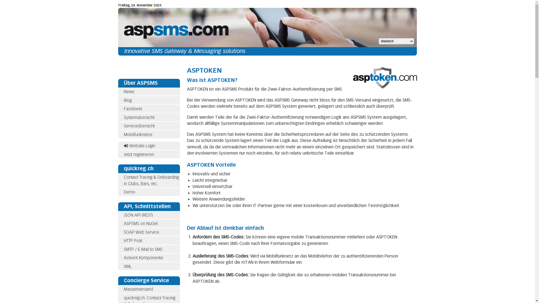  What do you see at coordinates (118, 168) in the screenshot?
I see `'quickreg.ch'` at bounding box center [118, 168].